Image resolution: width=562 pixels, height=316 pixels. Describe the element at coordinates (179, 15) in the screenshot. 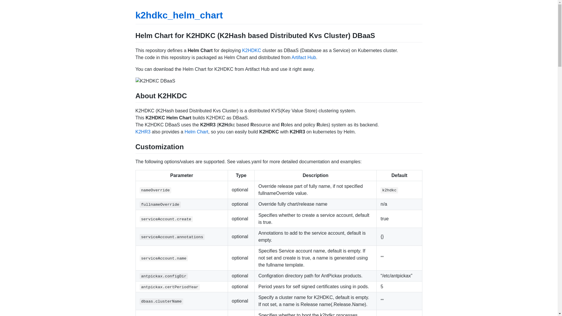

I see `'k2hdkc_helm_chart'` at that location.